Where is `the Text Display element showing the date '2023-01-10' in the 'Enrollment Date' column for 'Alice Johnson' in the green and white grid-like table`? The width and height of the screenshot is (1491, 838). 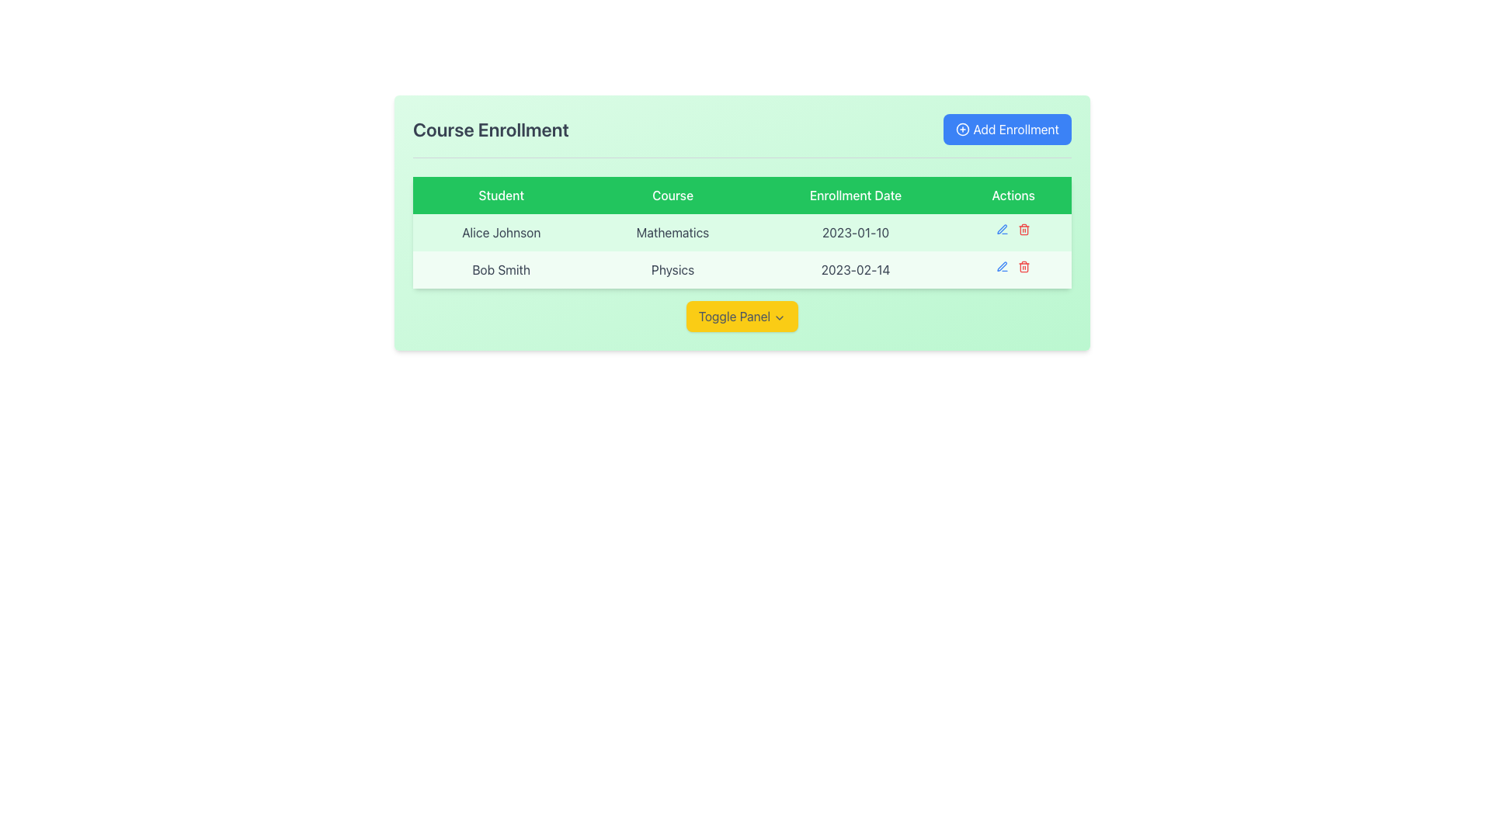 the Text Display element showing the date '2023-01-10' in the 'Enrollment Date' column for 'Alice Johnson' in the green and white grid-like table is located at coordinates (855, 233).